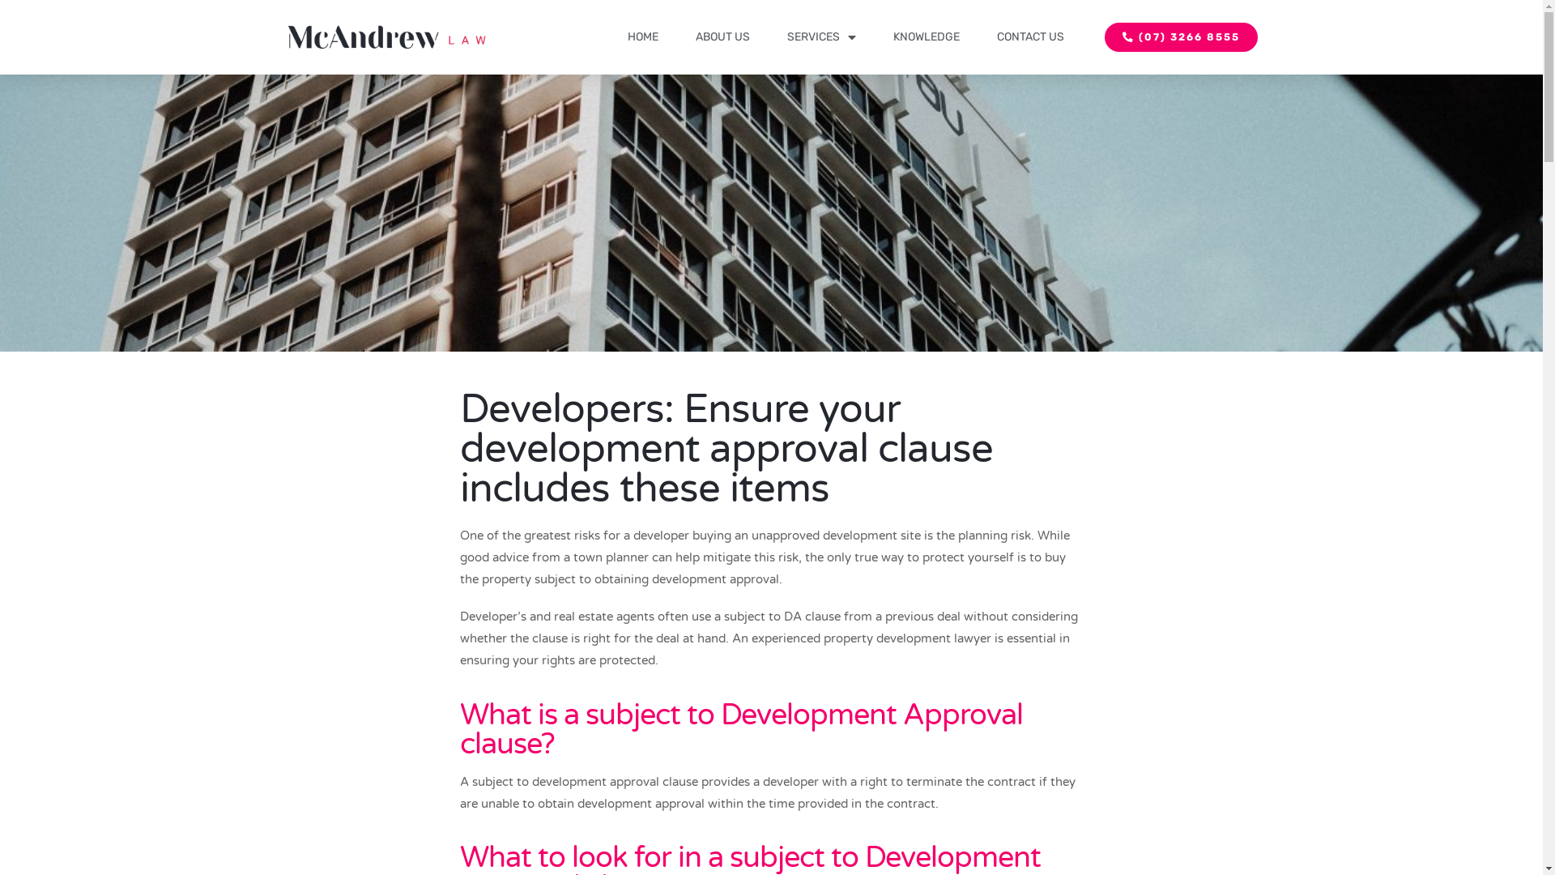  What do you see at coordinates (925, 36) in the screenshot?
I see `'KNOWLEDGE'` at bounding box center [925, 36].